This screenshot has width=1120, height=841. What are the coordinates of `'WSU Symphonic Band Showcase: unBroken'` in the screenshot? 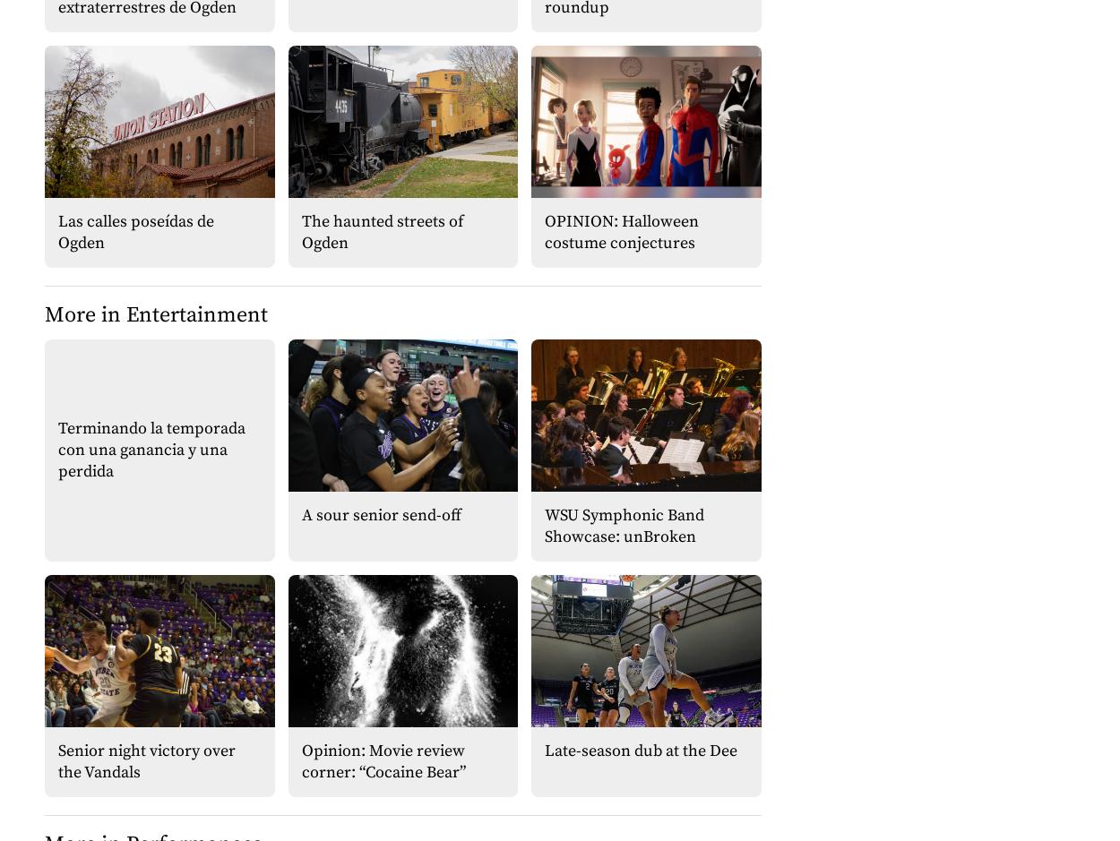 It's located at (624, 525).